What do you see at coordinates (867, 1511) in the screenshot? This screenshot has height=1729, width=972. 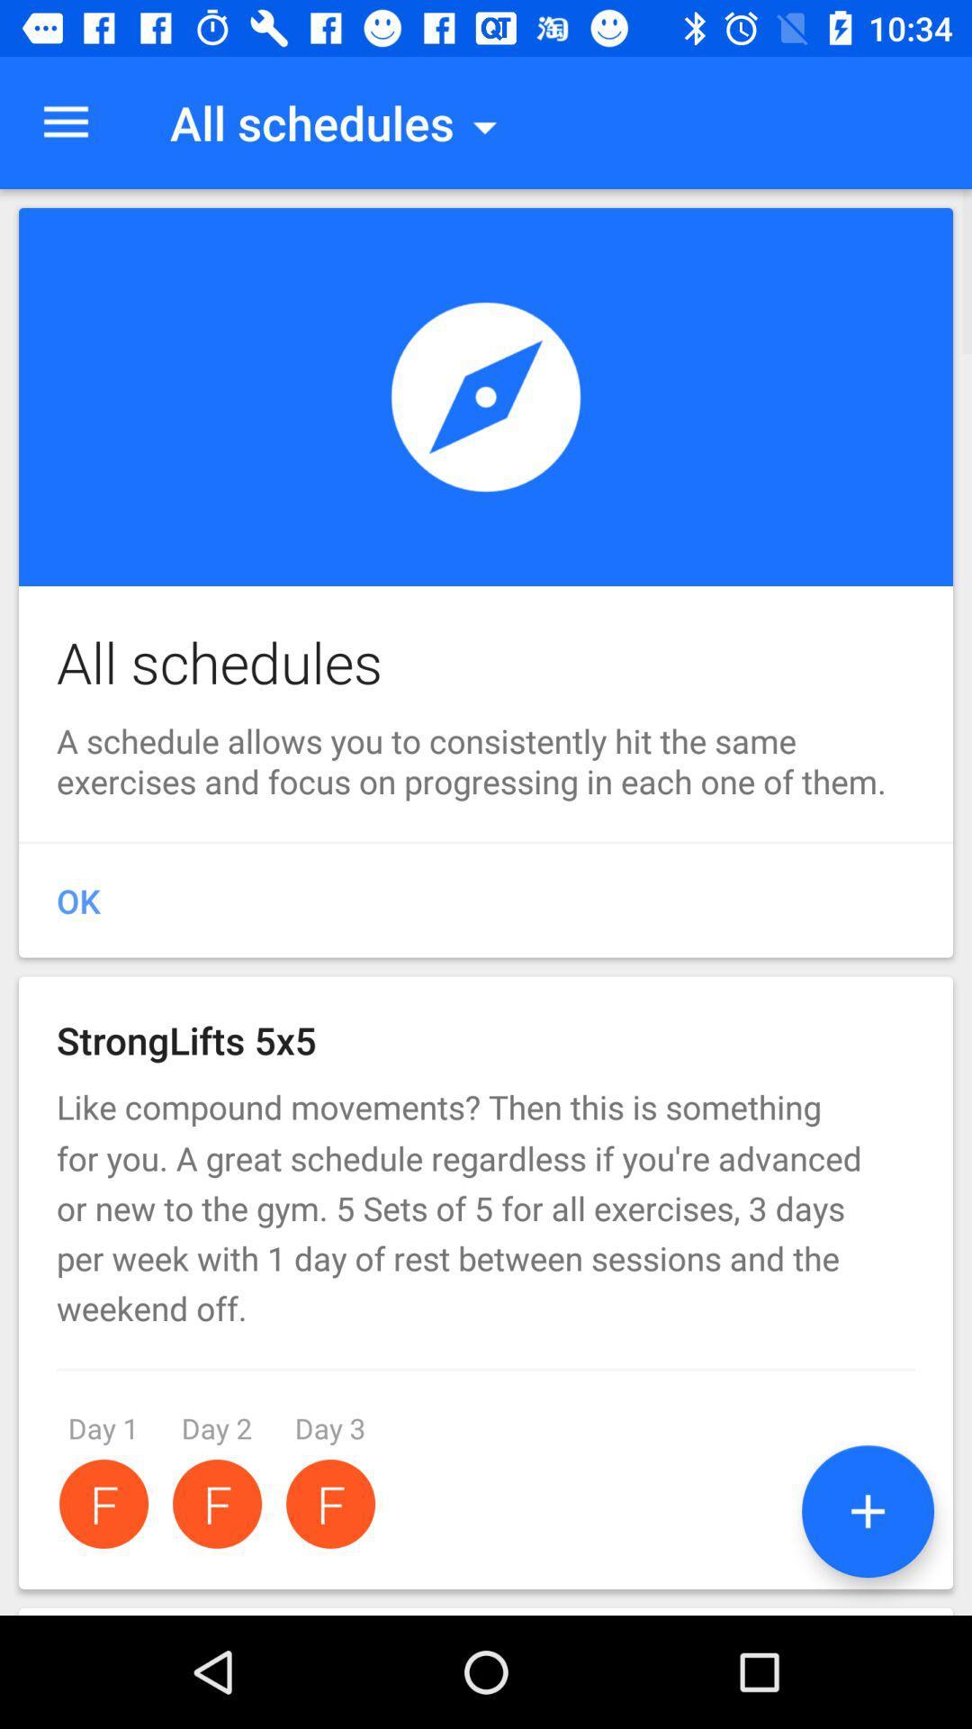 I see `the add icon` at bounding box center [867, 1511].